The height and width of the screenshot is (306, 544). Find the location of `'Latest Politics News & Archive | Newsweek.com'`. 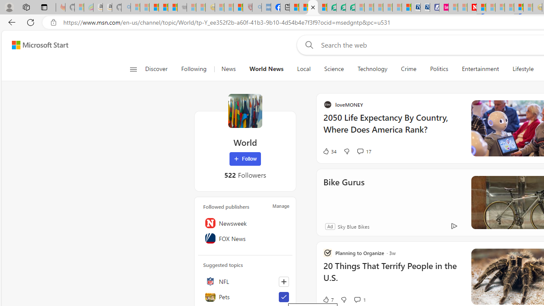

'Latest Politics News & Archive | Newsweek.com' is located at coordinates (471, 7).